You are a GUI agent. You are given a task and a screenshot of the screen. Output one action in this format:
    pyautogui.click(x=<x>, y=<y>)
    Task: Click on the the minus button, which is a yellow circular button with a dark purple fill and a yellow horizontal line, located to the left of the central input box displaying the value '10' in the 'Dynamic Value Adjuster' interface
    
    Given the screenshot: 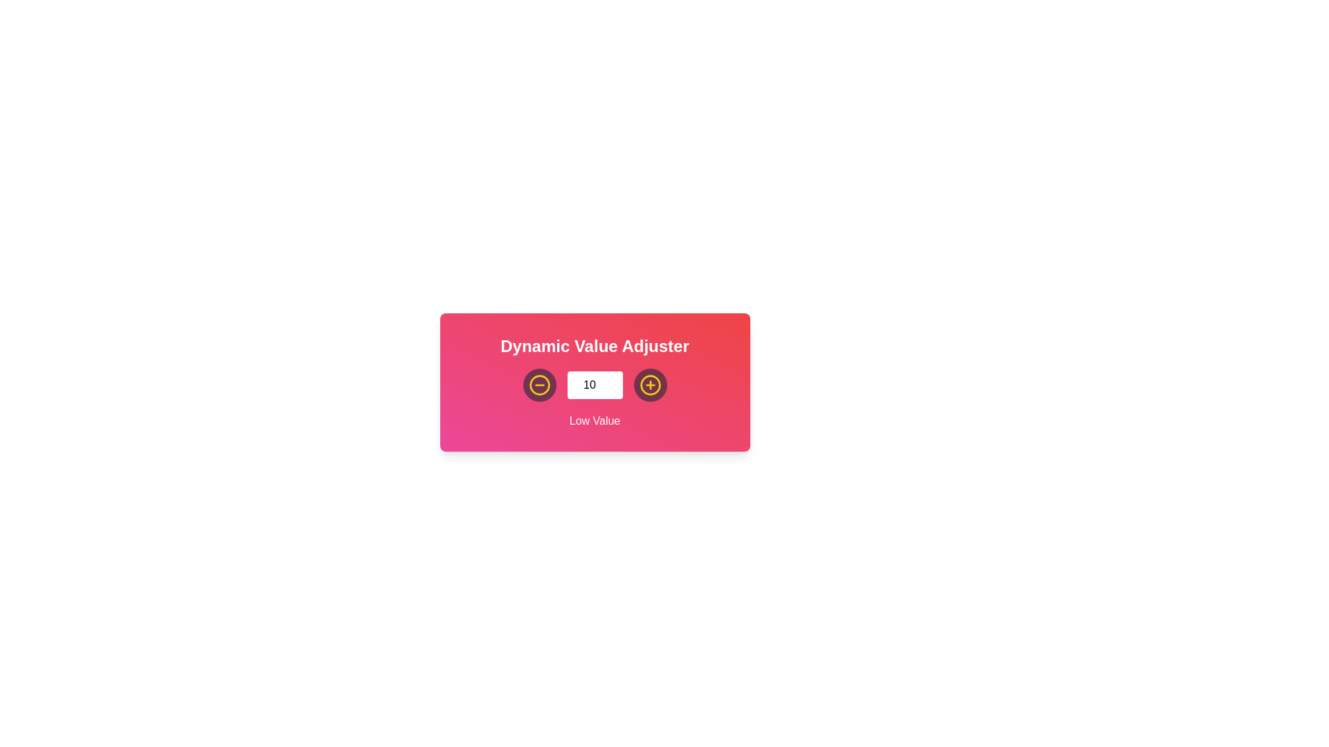 What is the action you would take?
    pyautogui.click(x=539, y=385)
    